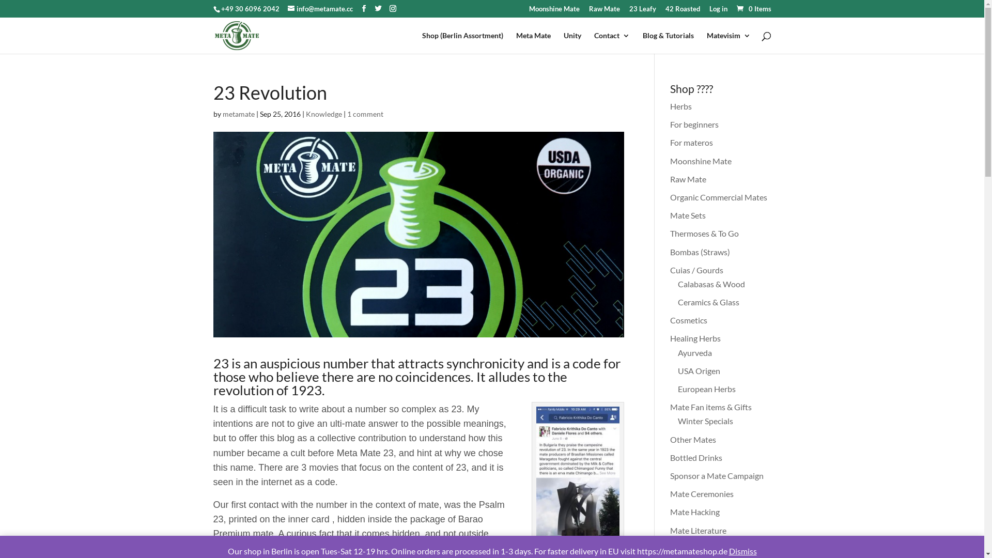  I want to click on 'Other Mates', so click(693, 439).